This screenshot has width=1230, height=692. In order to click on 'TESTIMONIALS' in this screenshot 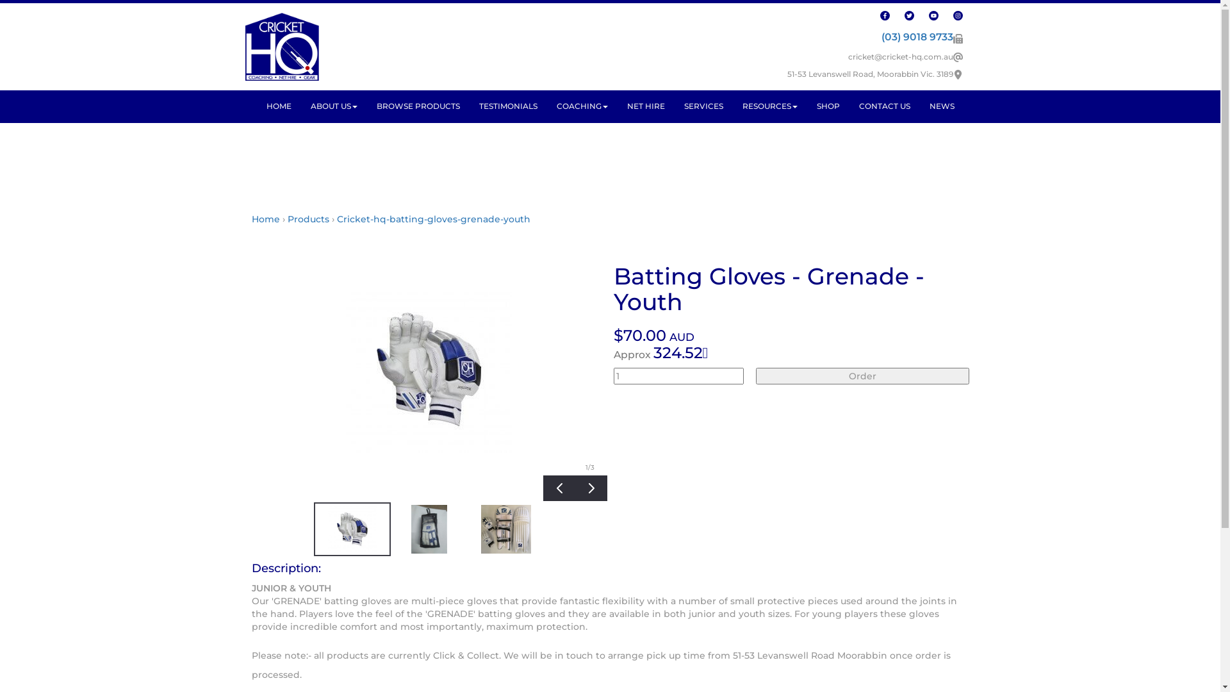, I will do `click(507, 105)`.